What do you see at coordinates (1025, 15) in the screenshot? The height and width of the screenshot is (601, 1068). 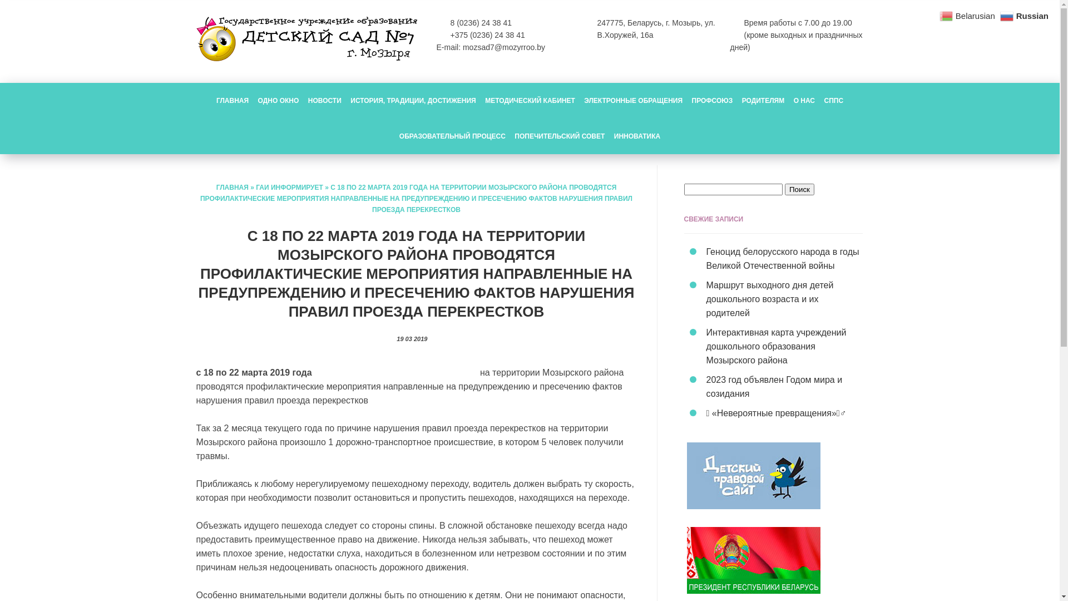 I see `'Russian'` at bounding box center [1025, 15].